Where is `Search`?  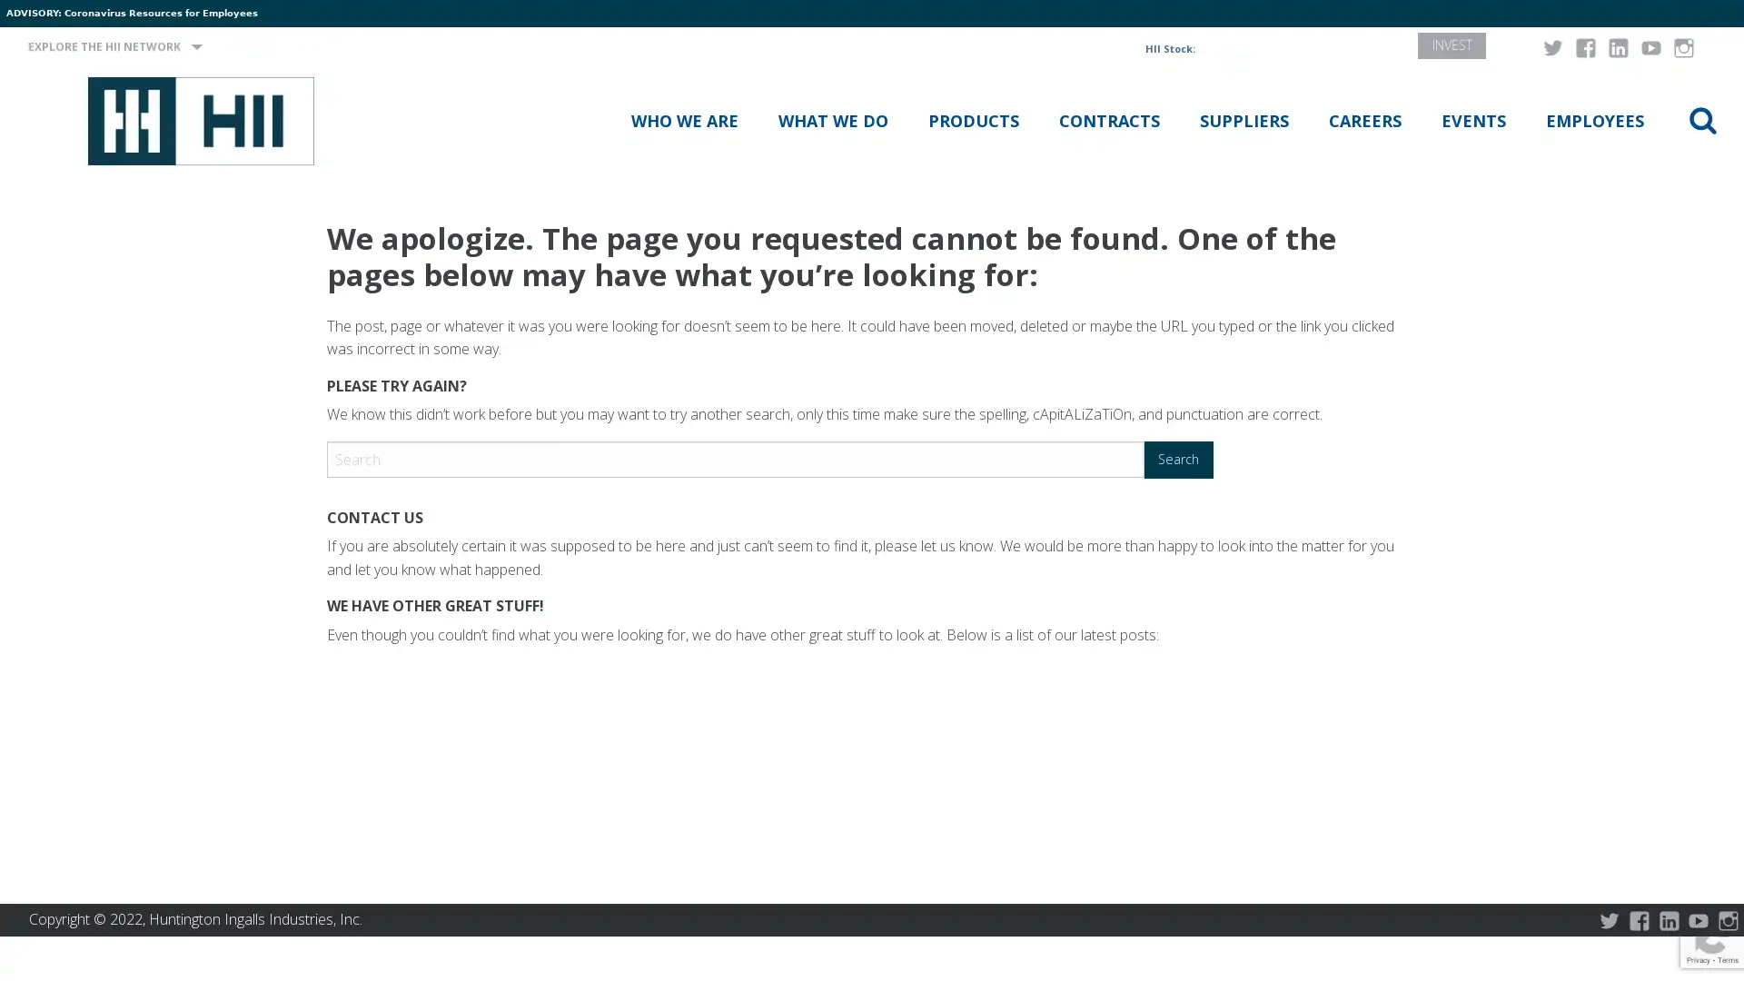 Search is located at coordinates (1178, 458).